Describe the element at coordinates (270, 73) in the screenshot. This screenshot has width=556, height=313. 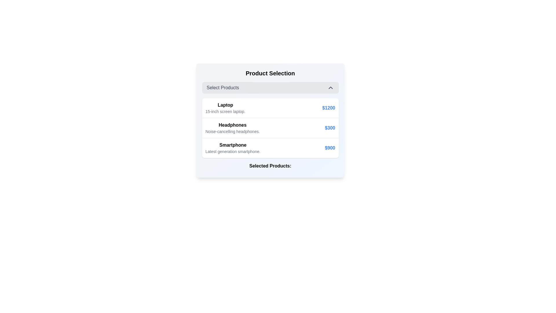
I see `the prominent header text displaying 'Product Selection', which is styled in bold and larger font, located at the top of the card` at that location.